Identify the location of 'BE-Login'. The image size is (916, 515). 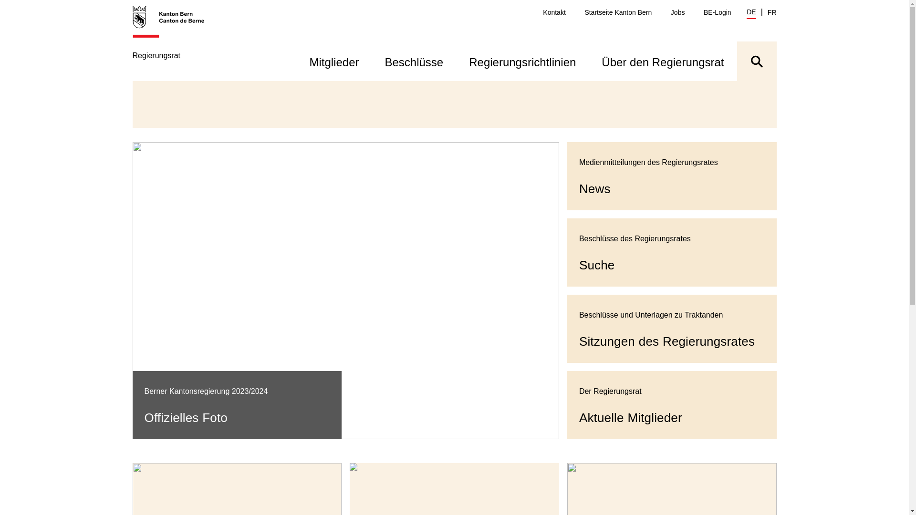
(703, 12).